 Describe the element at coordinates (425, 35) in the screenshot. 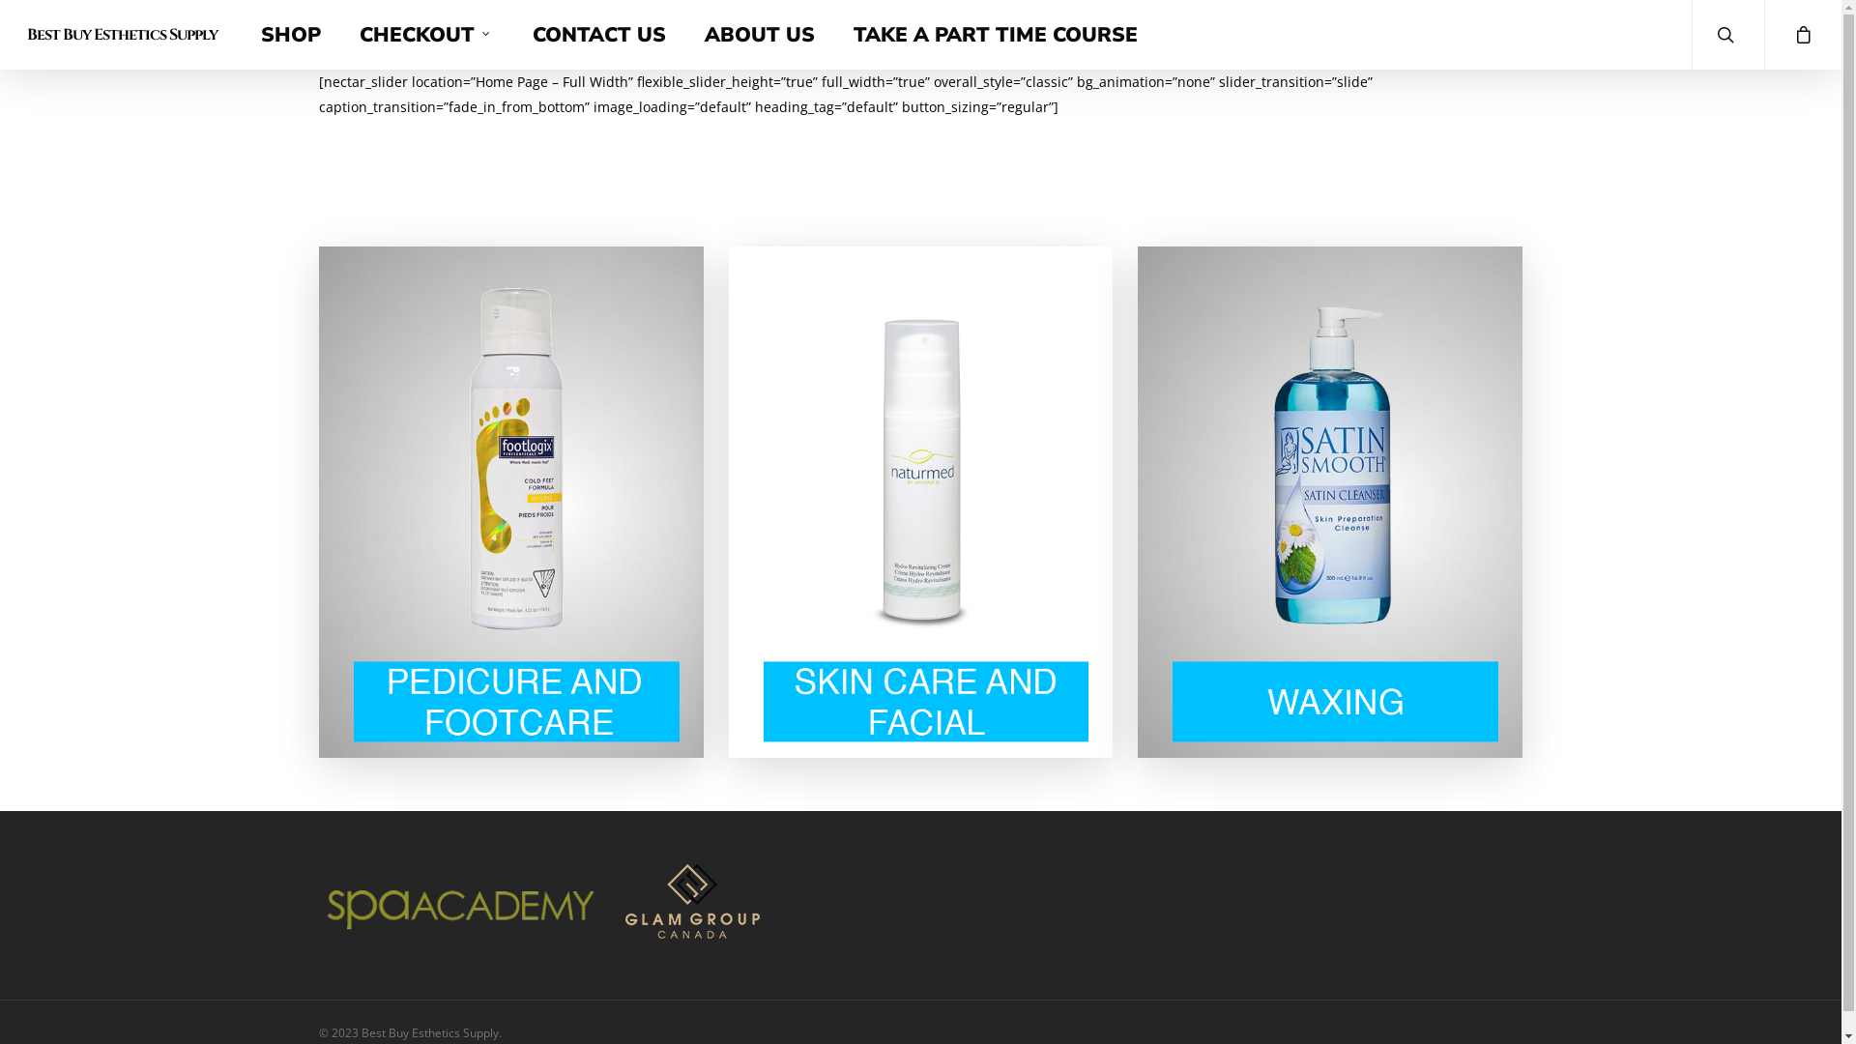

I see `'CHECKOUT'` at that location.